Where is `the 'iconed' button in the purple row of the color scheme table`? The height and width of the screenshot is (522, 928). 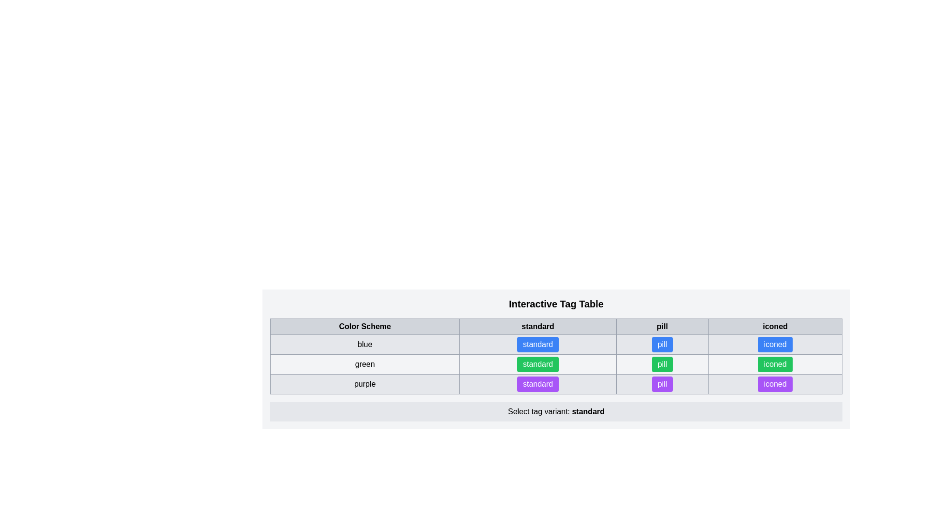
the 'iconed' button in the purple row of the color scheme table is located at coordinates (775, 383).